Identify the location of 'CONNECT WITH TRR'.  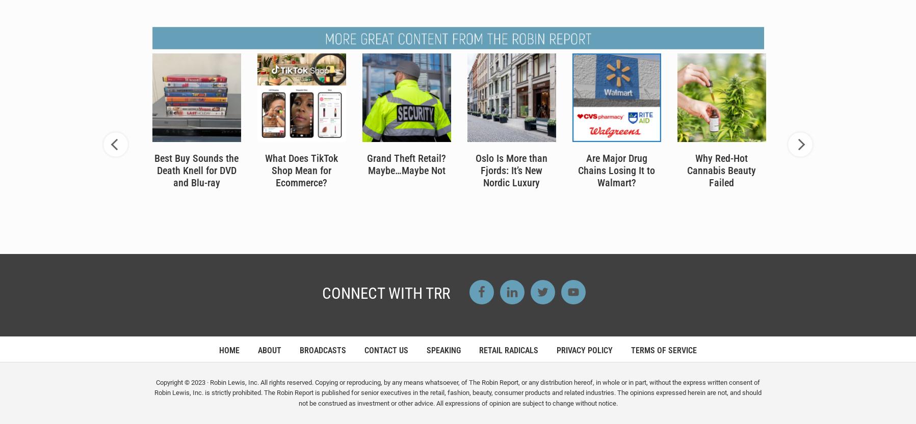
(385, 293).